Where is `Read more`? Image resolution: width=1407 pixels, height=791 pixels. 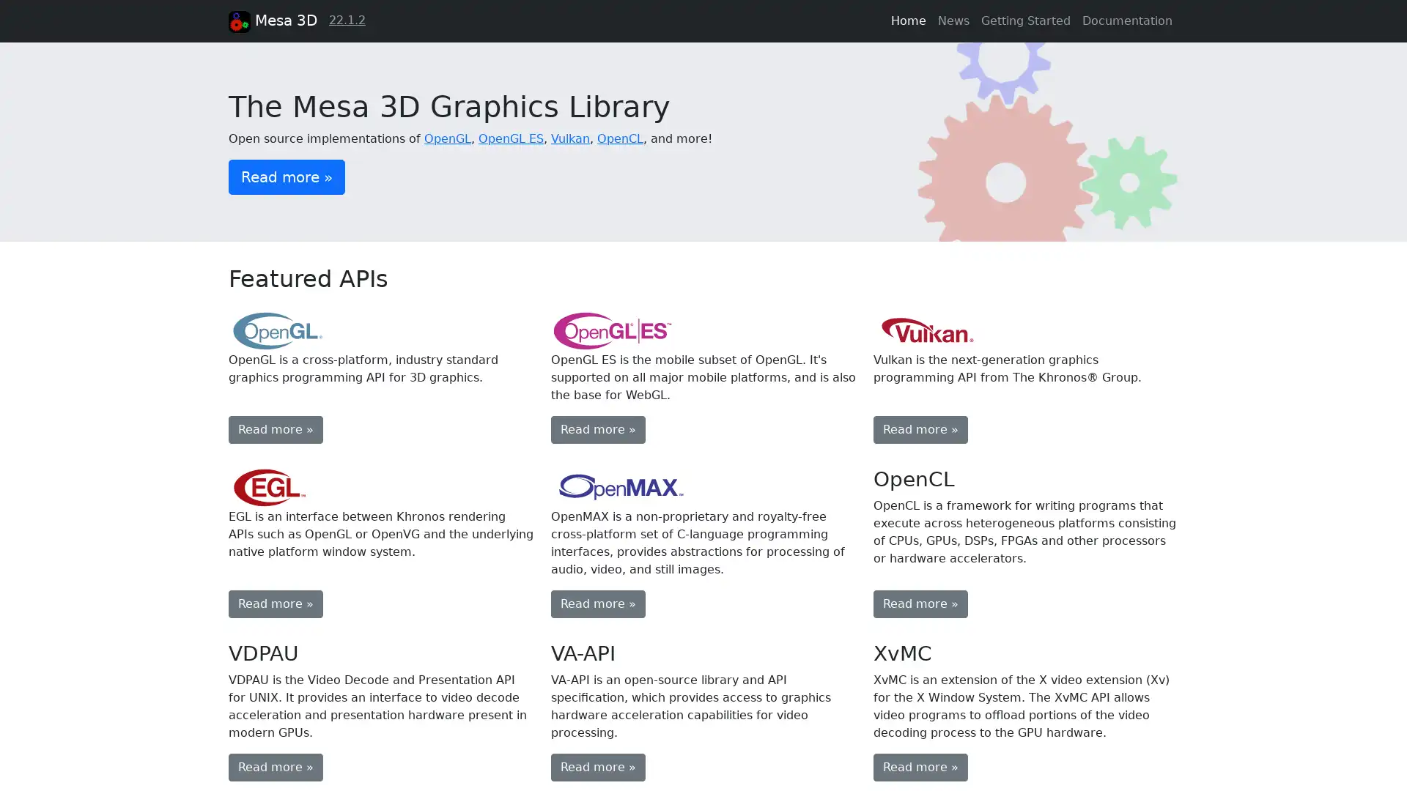
Read more is located at coordinates (920, 767).